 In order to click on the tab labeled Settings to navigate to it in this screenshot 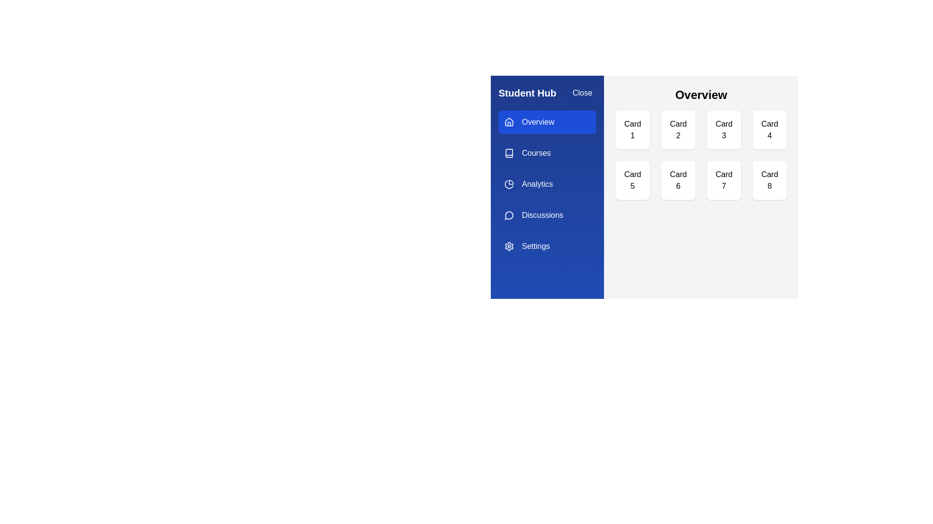, I will do `click(547, 246)`.